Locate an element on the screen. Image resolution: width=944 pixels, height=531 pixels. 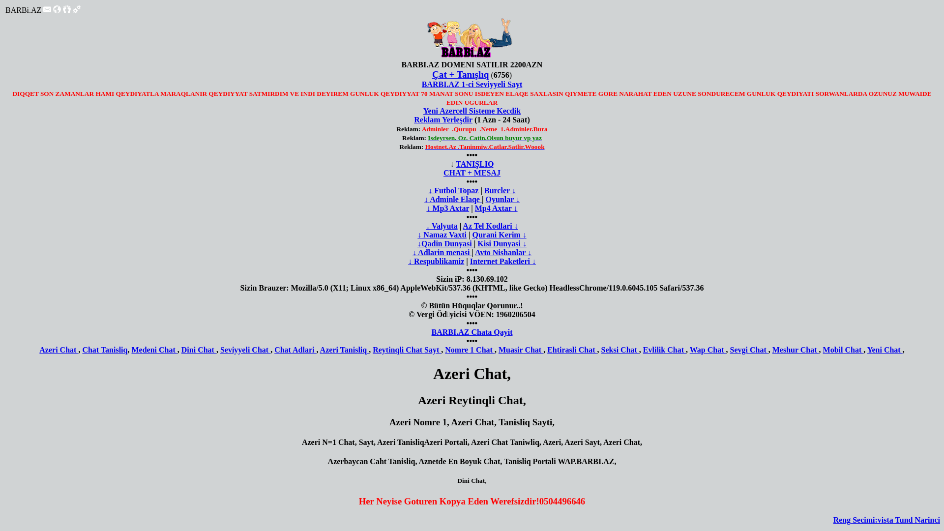
'Seksi Chat' is located at coordinates (619, 349).